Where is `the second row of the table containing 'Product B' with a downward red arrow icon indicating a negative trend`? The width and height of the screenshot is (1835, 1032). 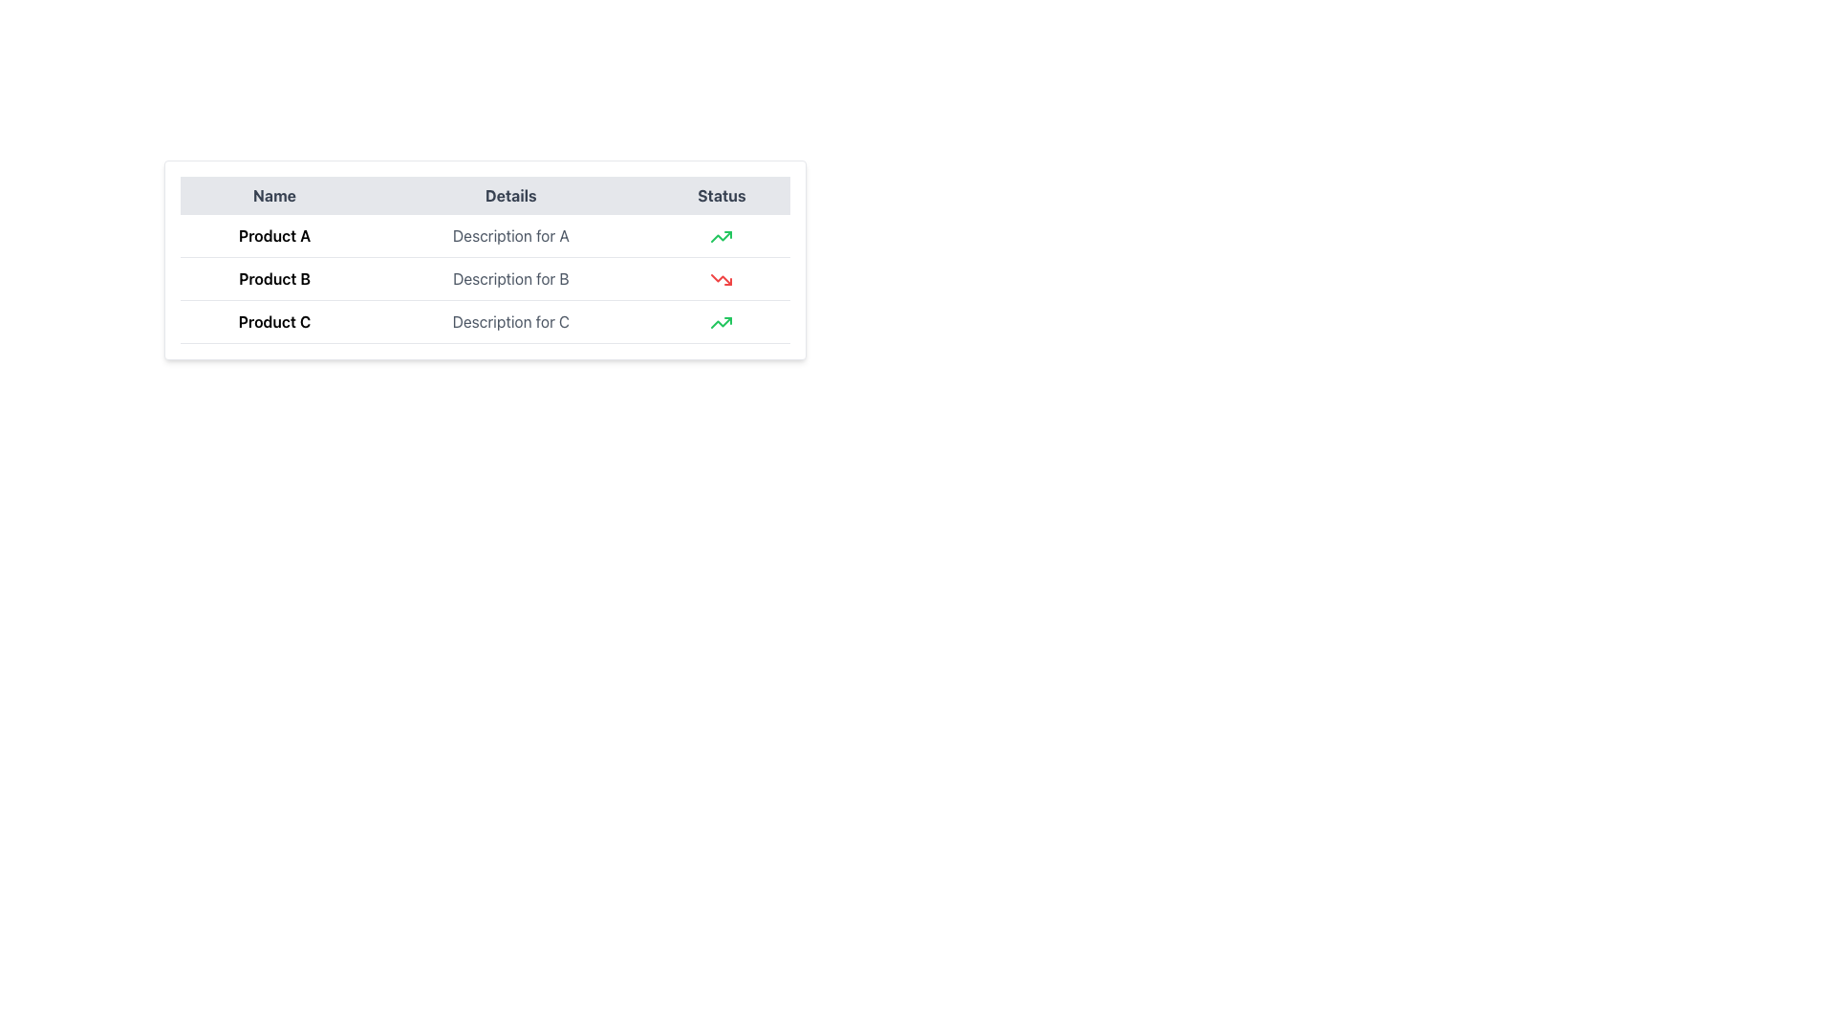
the second row of the table containing 'Product B' with a downward red arrow icon indicating a negative trend is located at coordinates (486, 279).